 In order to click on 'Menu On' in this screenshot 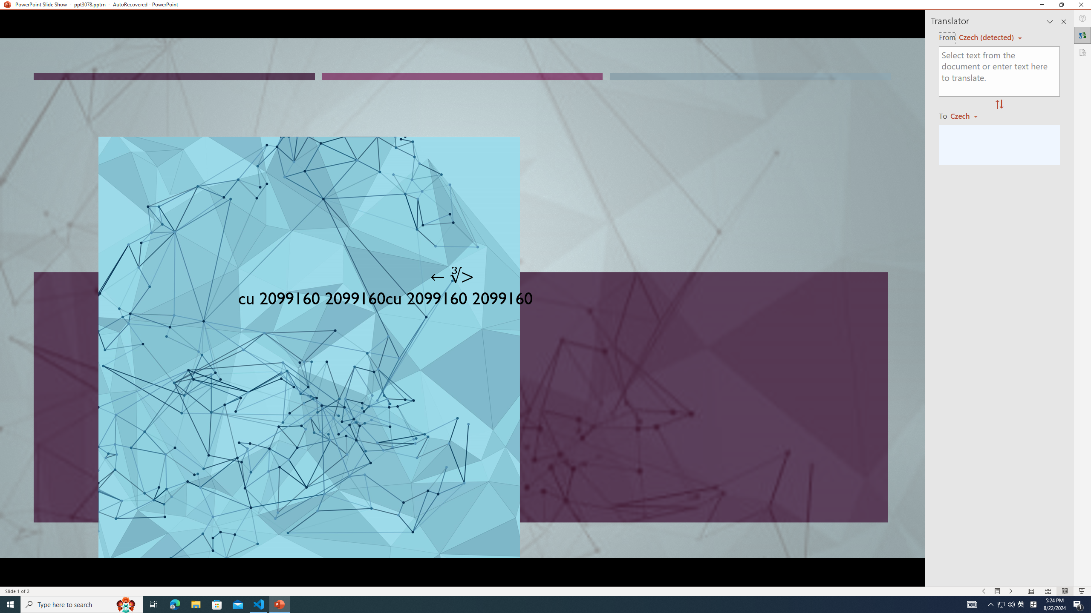, I will do `click(997, 591)`.